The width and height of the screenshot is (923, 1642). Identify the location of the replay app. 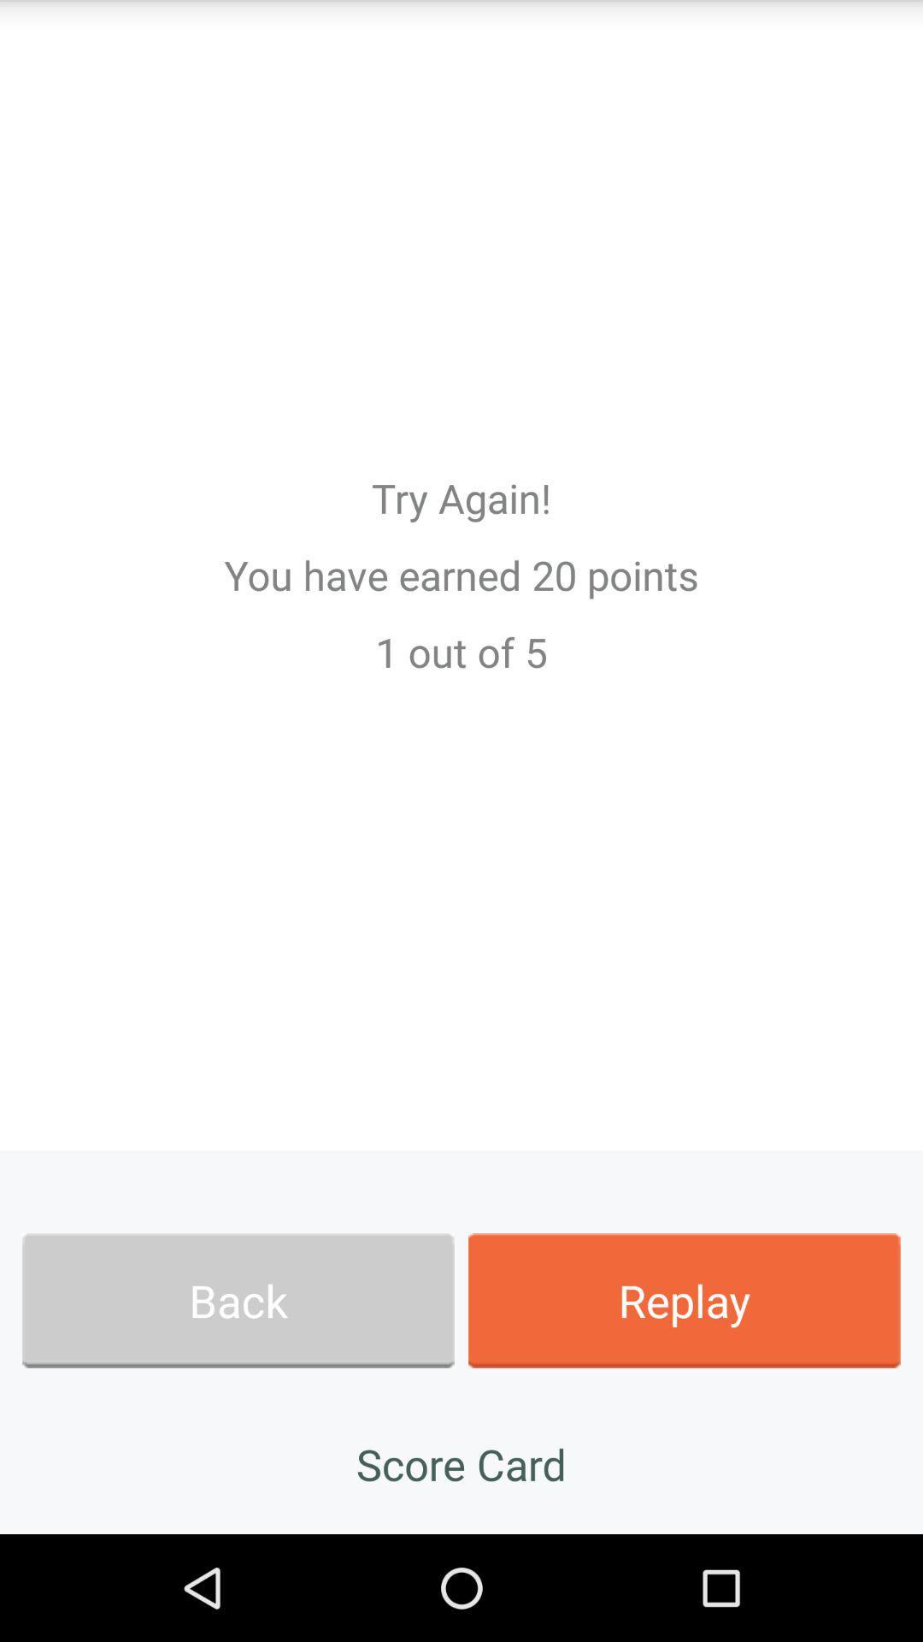
(684, 1300).